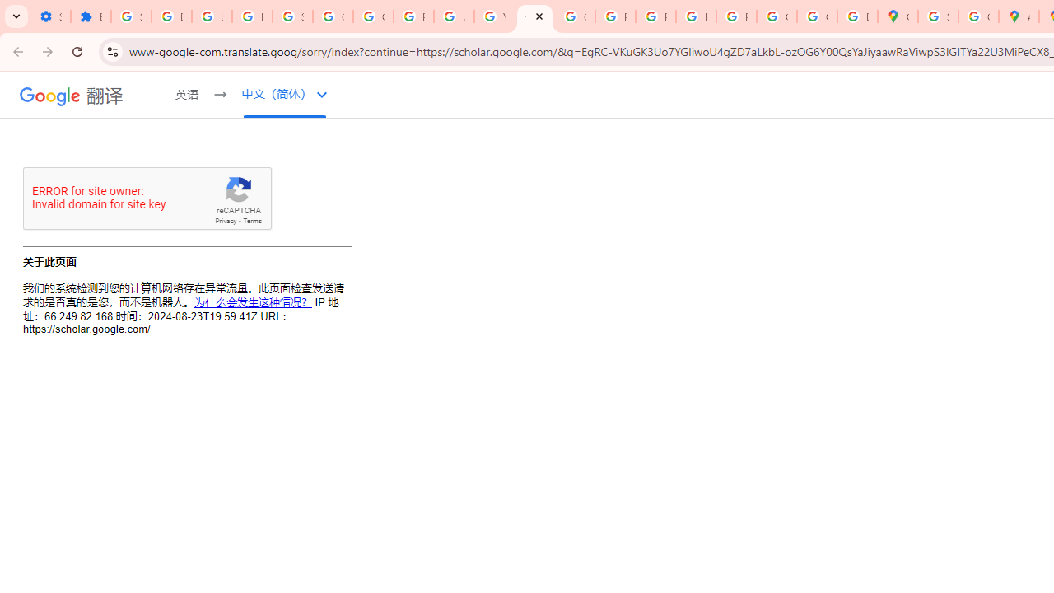  Describe the element at coordinates (332, 16) in the screenshot. I see `'Google Account Help'` at that location.